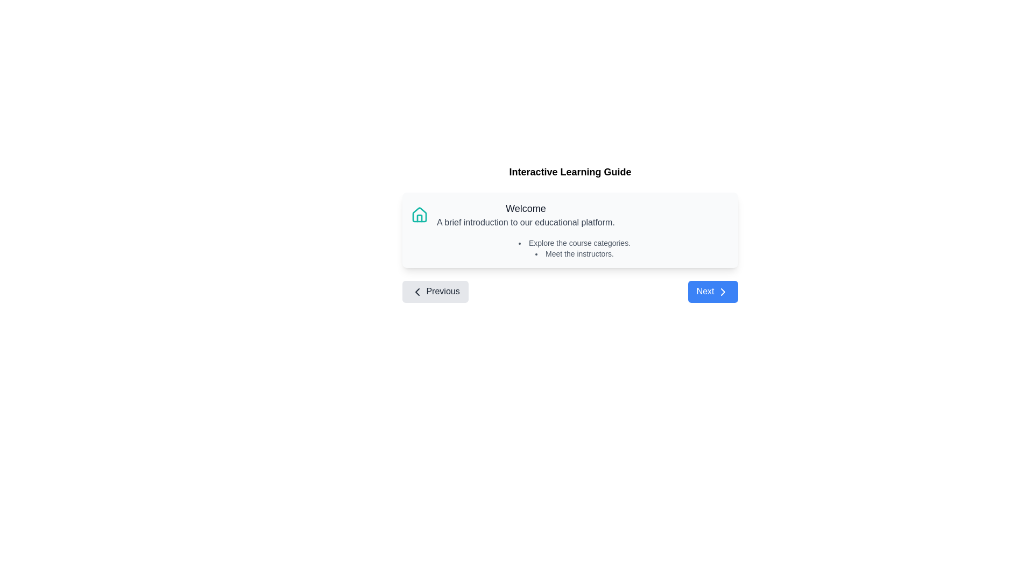  I want to click on the 'Next' button located in the bottom-right corner of the interface, which contains the chevron arrow icon, so click(723, 292).